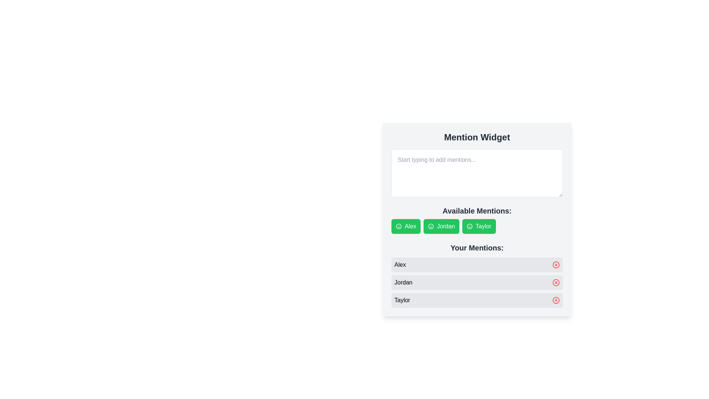 The width and height of the screenshot is (709, 399). I want to click on the red circular button with an 'X' symbol, so click(556, 282).